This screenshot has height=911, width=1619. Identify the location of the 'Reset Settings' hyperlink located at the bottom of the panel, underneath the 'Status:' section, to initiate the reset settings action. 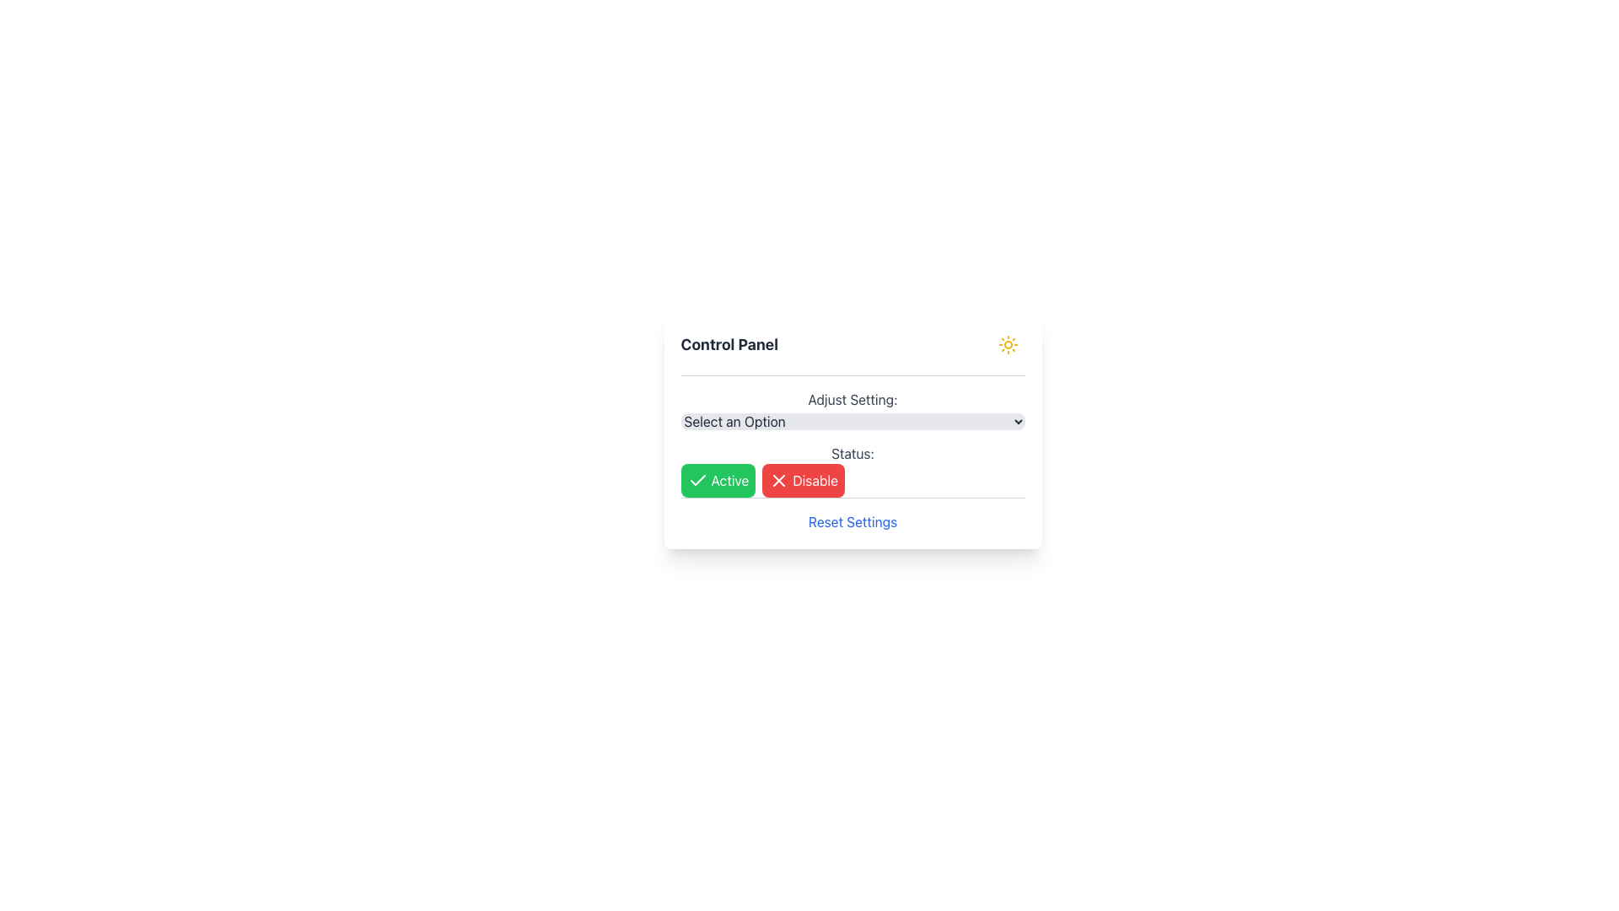
(853, 514).